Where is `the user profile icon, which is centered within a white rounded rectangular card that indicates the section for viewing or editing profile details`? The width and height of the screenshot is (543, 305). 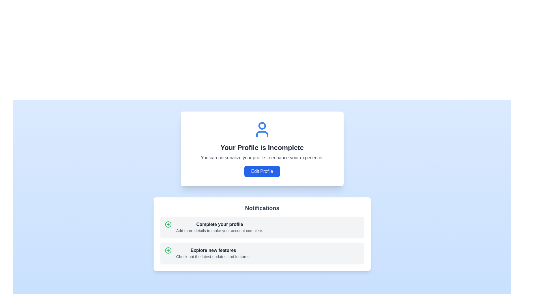
the user profile icon, which is centered within a white rounded rectangular card that indicates the section for viewing or editing profile details is located at coordinates (262, 130).